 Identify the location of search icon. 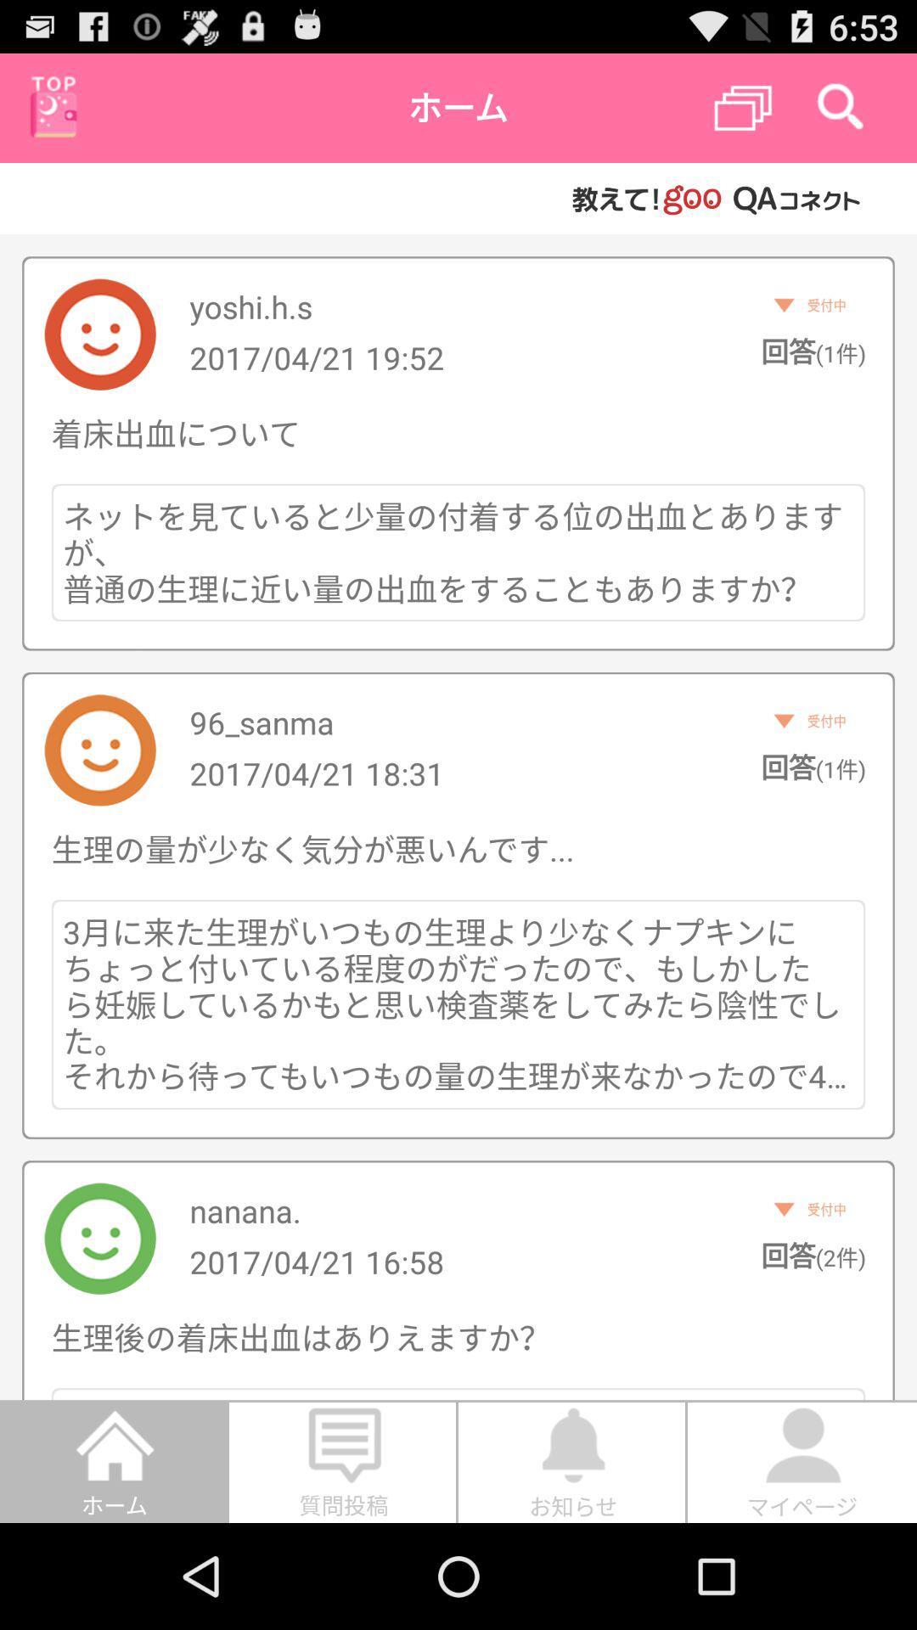
(841, 108).